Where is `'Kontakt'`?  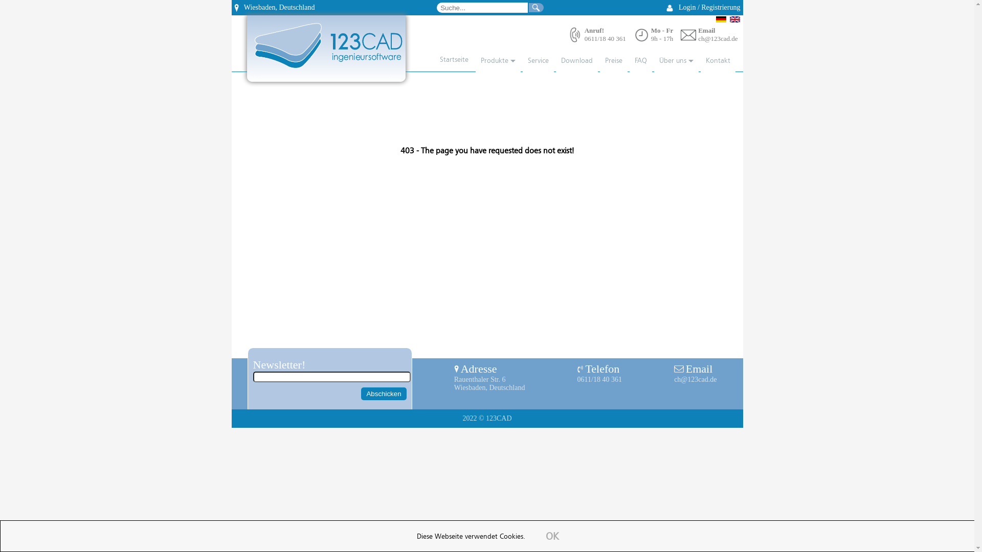
'Kontakt' is located at coordinates (717, 61).